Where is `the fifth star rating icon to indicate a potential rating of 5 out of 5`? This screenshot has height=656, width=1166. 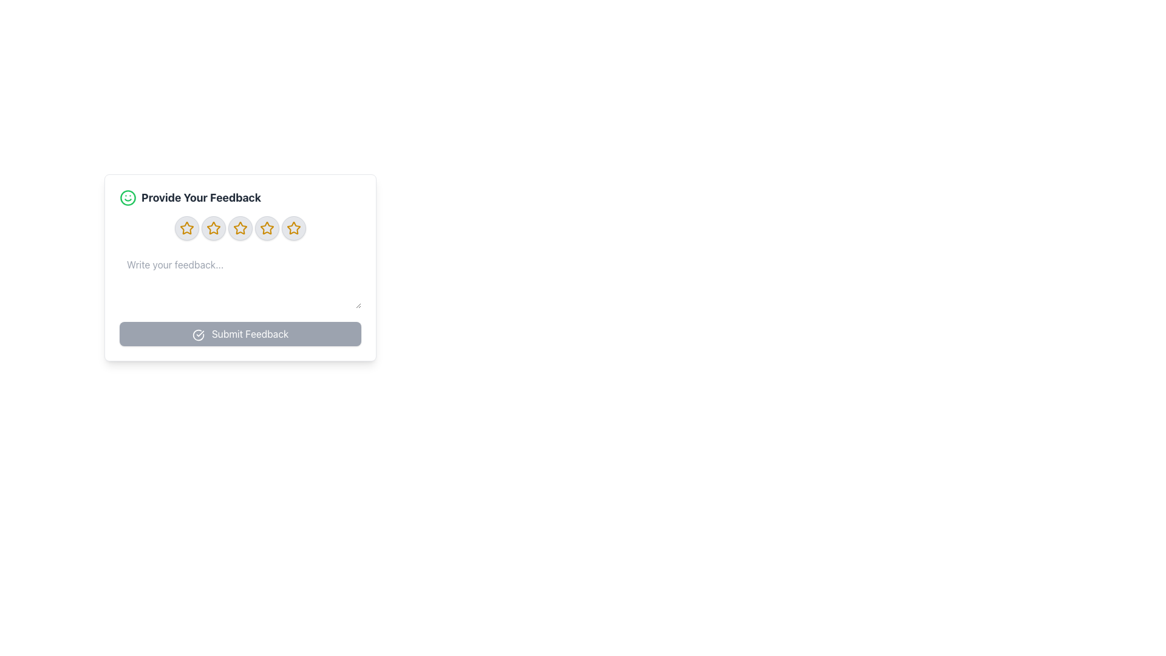
the fifth star rating icon to indicate a potential rating of 5 out of 5 is located at coordinates (294, 228).